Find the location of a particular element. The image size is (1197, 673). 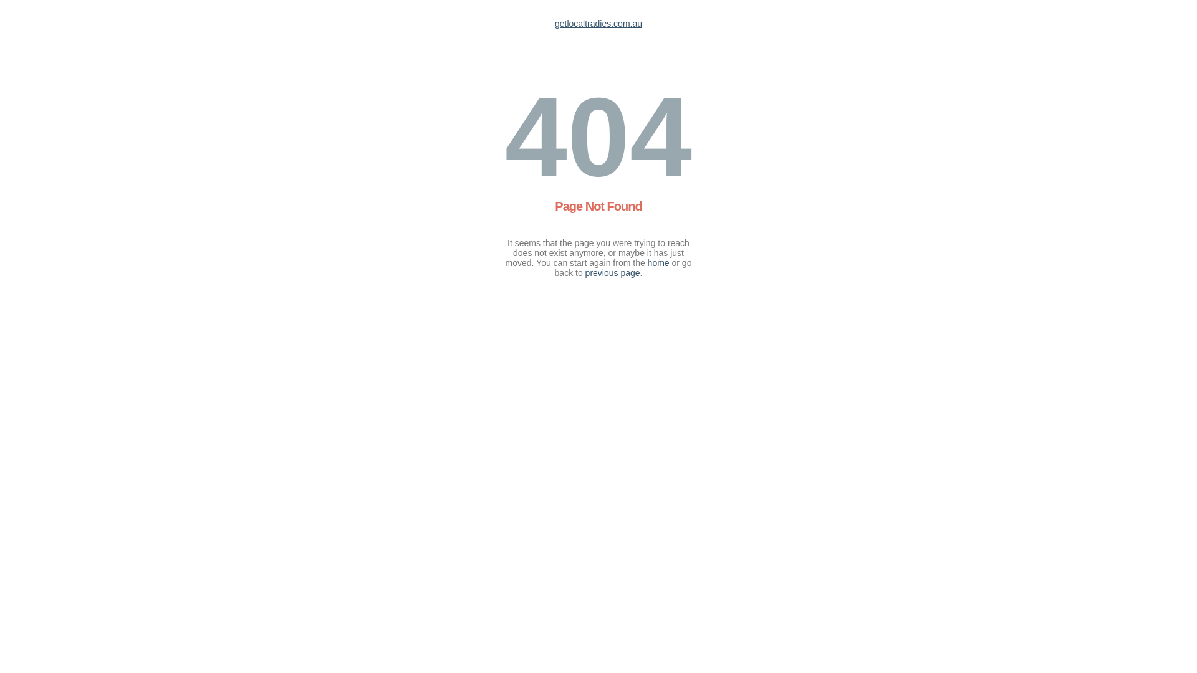

'previous page' is located at coordinates (613, 272).